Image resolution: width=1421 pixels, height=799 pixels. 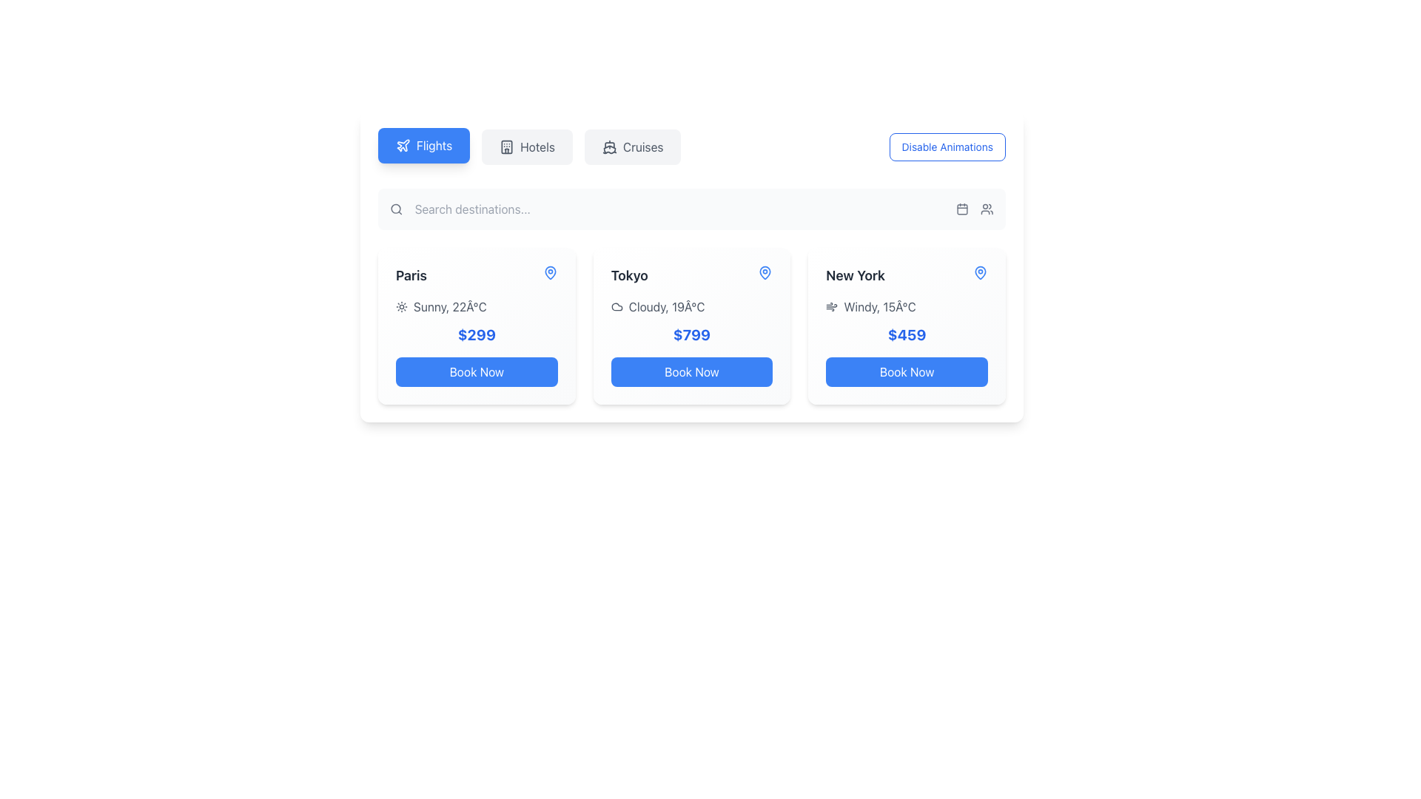 I want to click on the navigational button for the cruises section, which is the third option in the top center group of buttons, so click(x=633, y=147).